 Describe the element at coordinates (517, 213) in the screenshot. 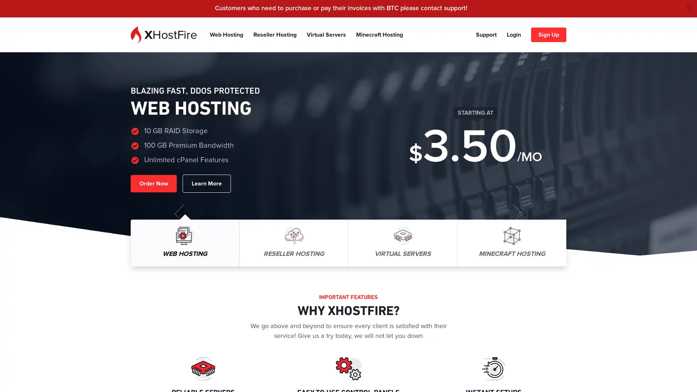

I see `Next slide` at that location.